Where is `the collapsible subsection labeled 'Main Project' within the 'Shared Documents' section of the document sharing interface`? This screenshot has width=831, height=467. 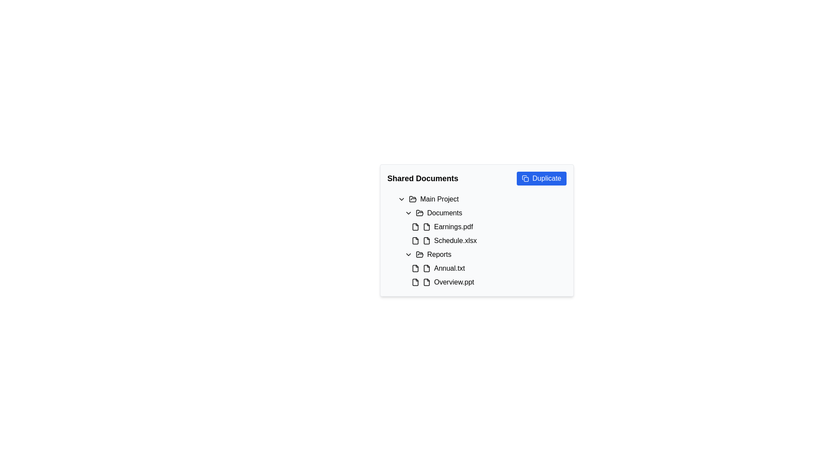 the collapsible subsection labeled 'Main Project' within the 'Shared Documents' section of the document sharing interface is located at coordinates (480, 240).